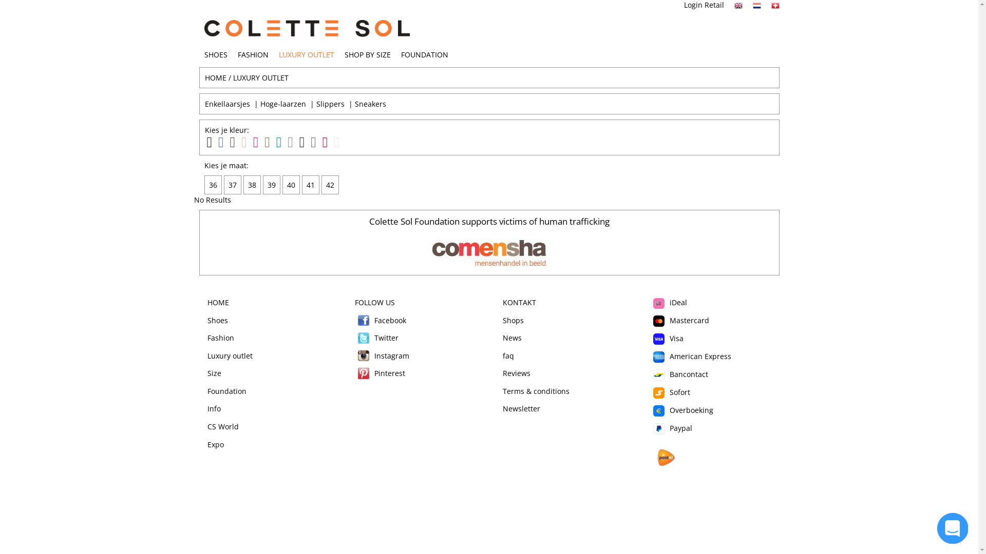 The image size is (986, 554). Describe the element at coordinates (511, 338) in the screenshot. I see `'News'` at that location.